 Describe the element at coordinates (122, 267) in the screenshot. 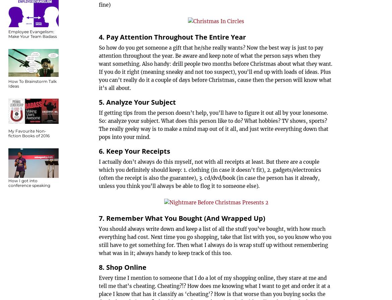

I see `'8. Shop Online'` at that location.